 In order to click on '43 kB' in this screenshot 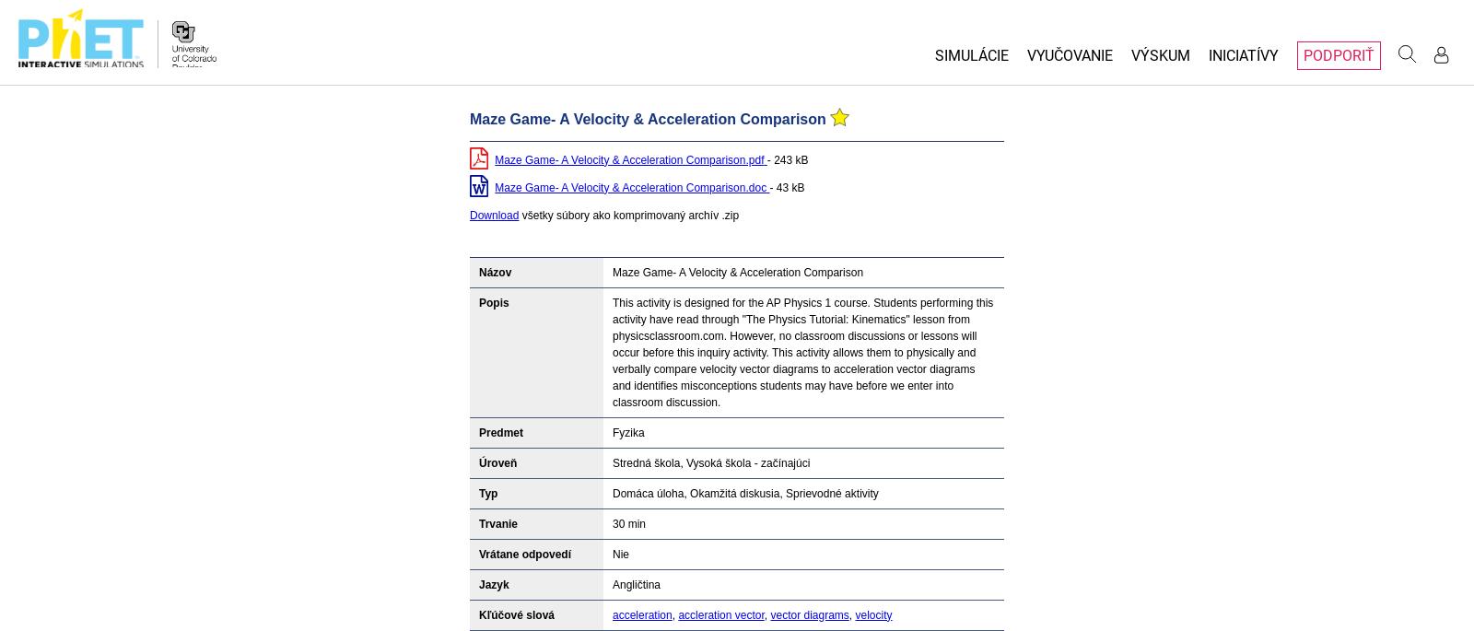, I will do `click(774, 187)`.